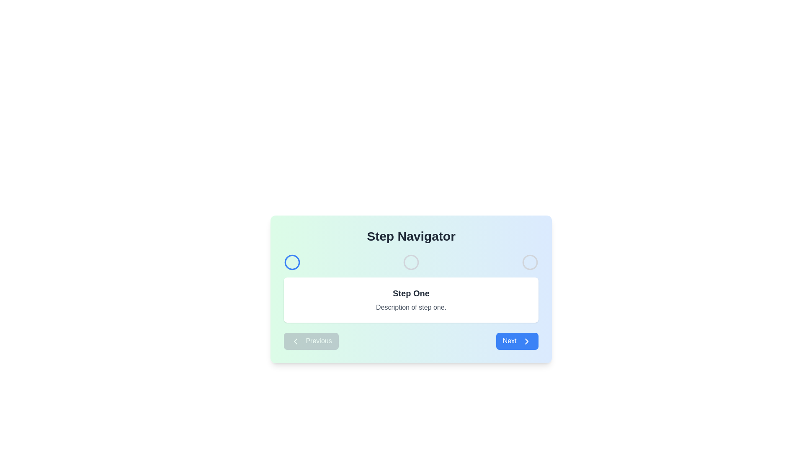 The image size is (804, 452). I want to click on the circular indicator with a blue border located on the left side of the navigation sequence, so click(292, 262).